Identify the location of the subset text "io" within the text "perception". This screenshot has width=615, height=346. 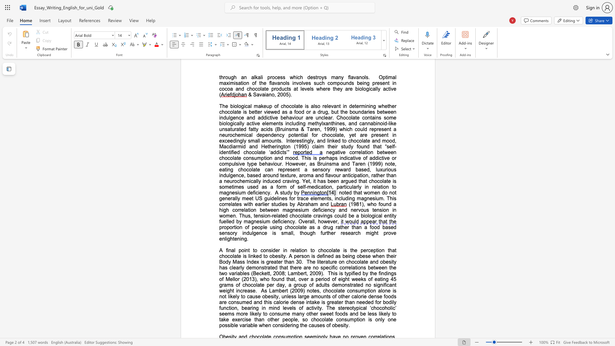
(378, 250).